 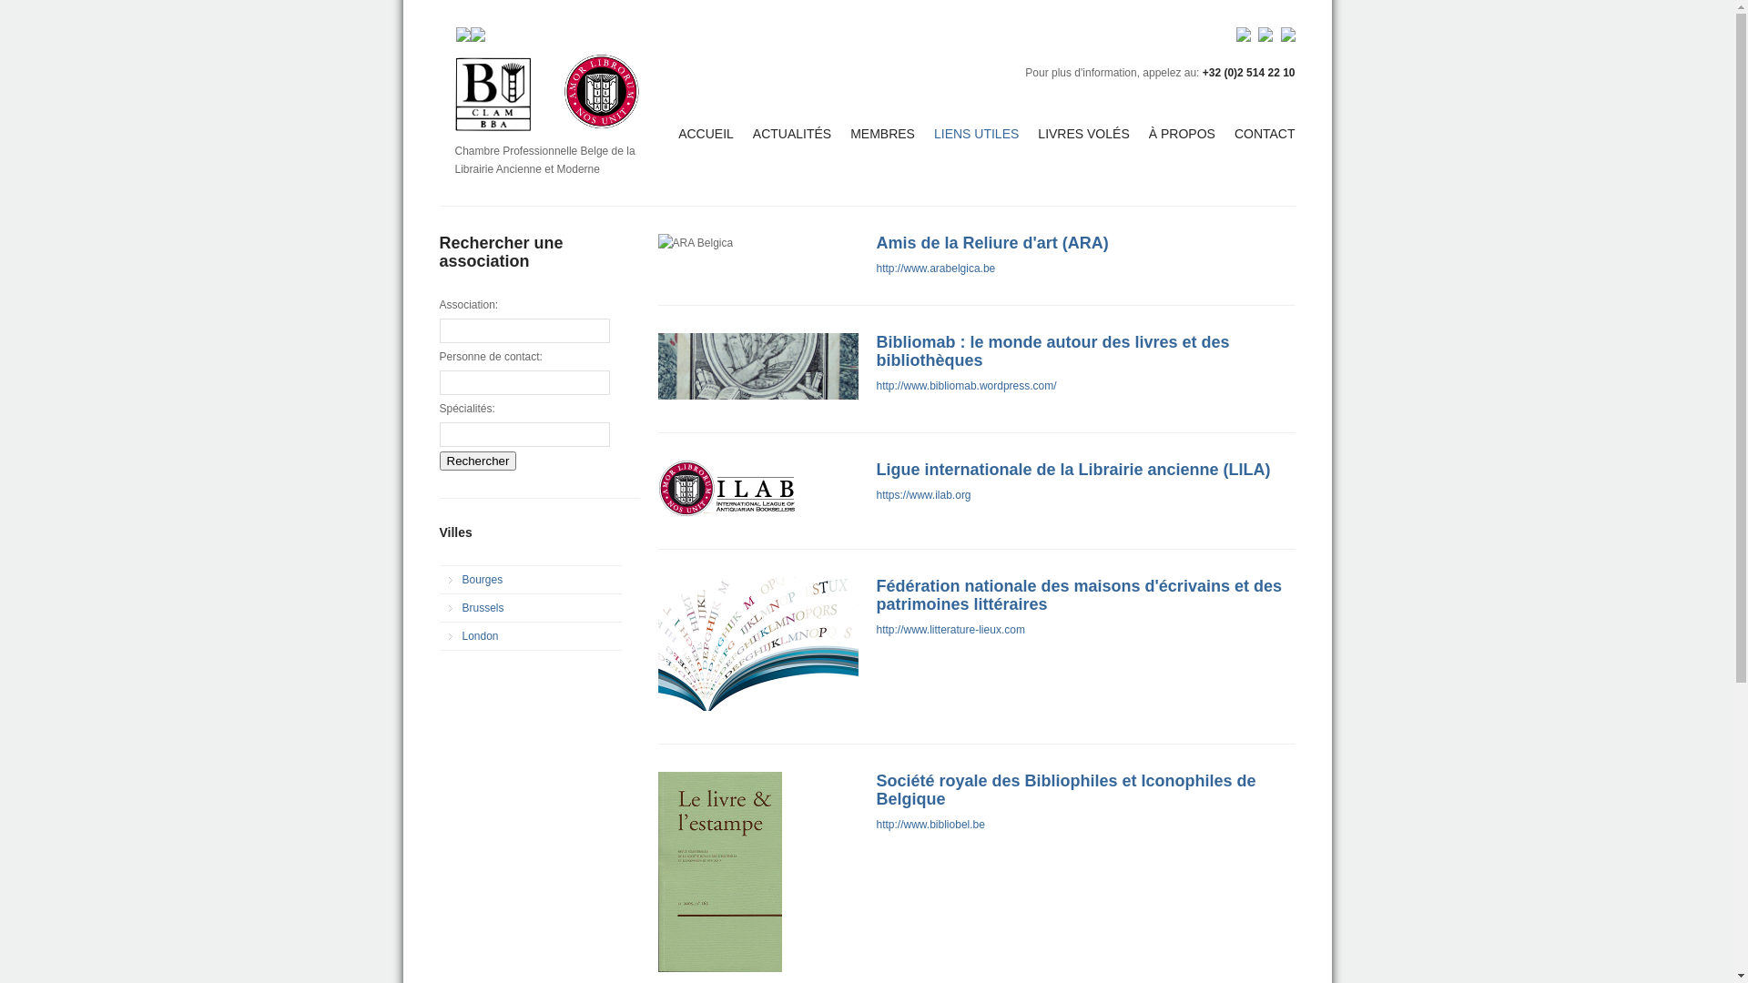 I want to click on 'Rechercher', so click(x=438, y=460).